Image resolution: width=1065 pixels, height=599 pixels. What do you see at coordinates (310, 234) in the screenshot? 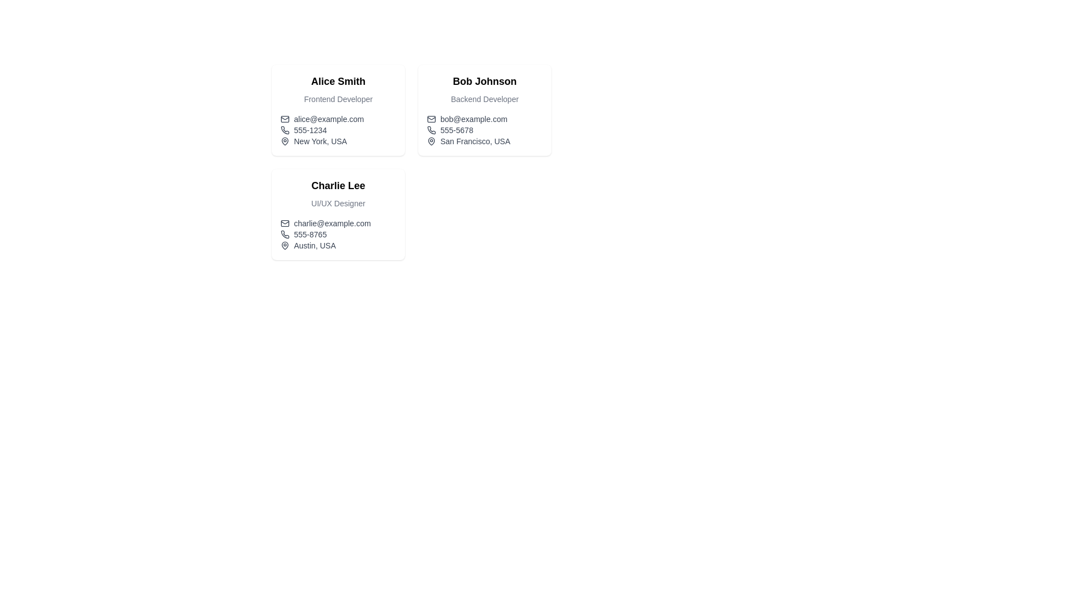
I see `the text label displaying '555-8765' in the contact card of 'Charlie Lee'` at bounding box center [310, 234].